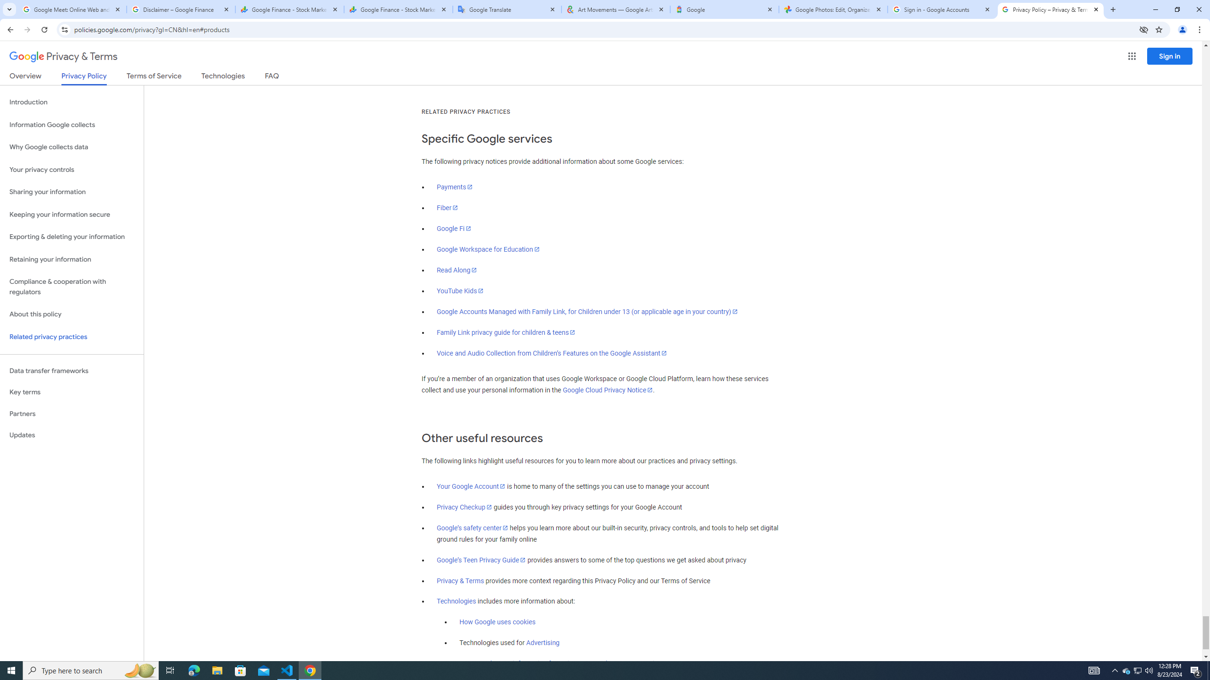 The height and width of the screenshot is (680, 1210). I want to click on 'Google Cloud Privacy Notice', so click(607, 389).